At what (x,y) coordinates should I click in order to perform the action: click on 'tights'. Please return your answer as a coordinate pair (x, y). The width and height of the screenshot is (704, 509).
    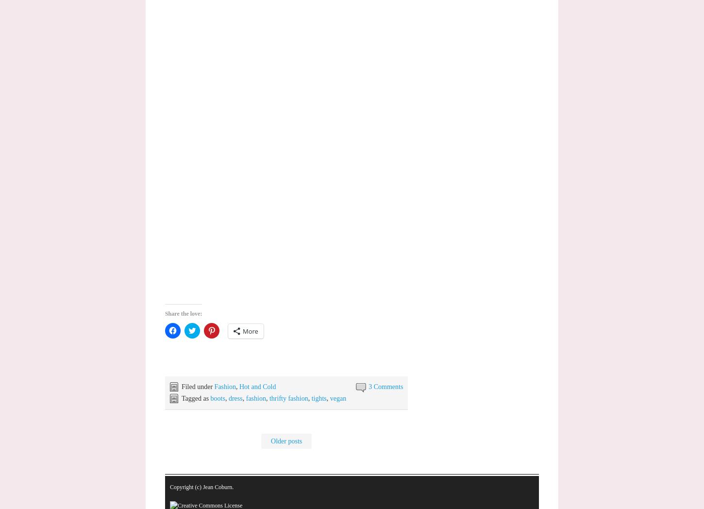
    Looking at the image, I should click on (318, 398).